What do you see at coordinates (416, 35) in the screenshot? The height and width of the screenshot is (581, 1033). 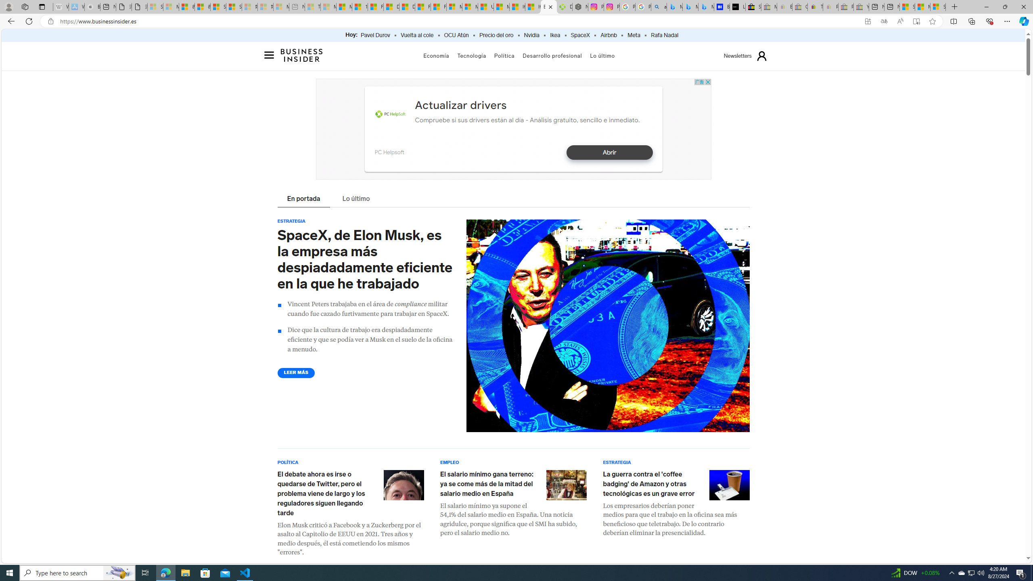 I see `'Vuelta al cole'` at bounding box center [416, 35].